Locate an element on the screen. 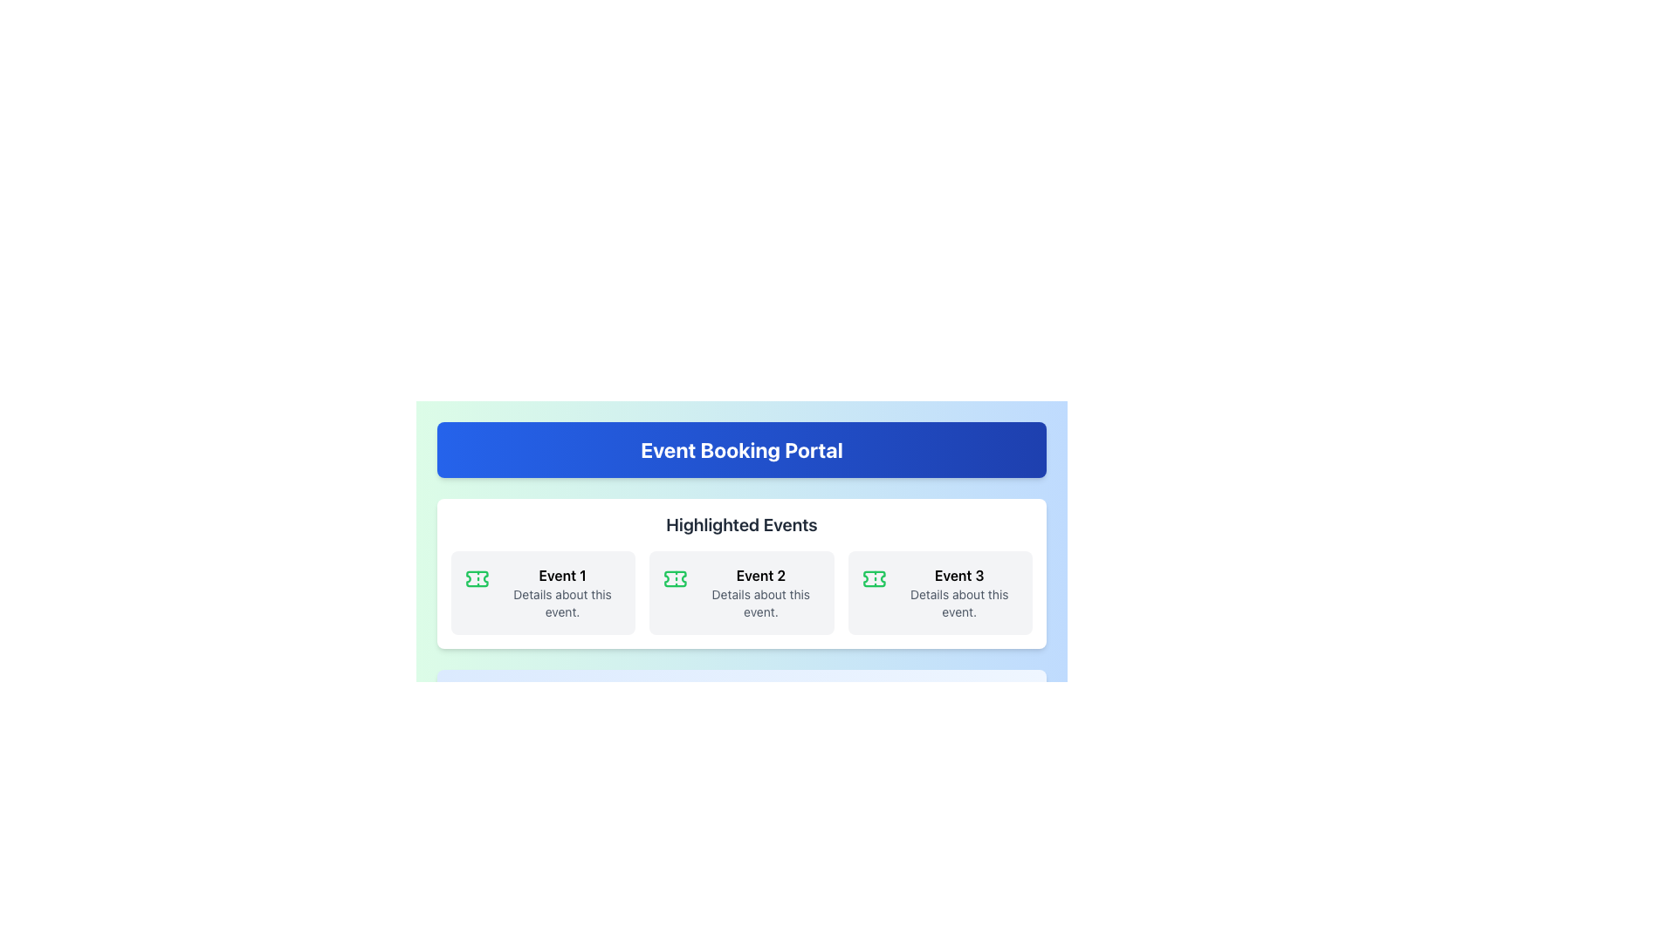  the heading text element in the 'Highlighted Events' card, which is positioned centrally below the 'Event Booking Portal' banner is located at coordinates (741, 523).